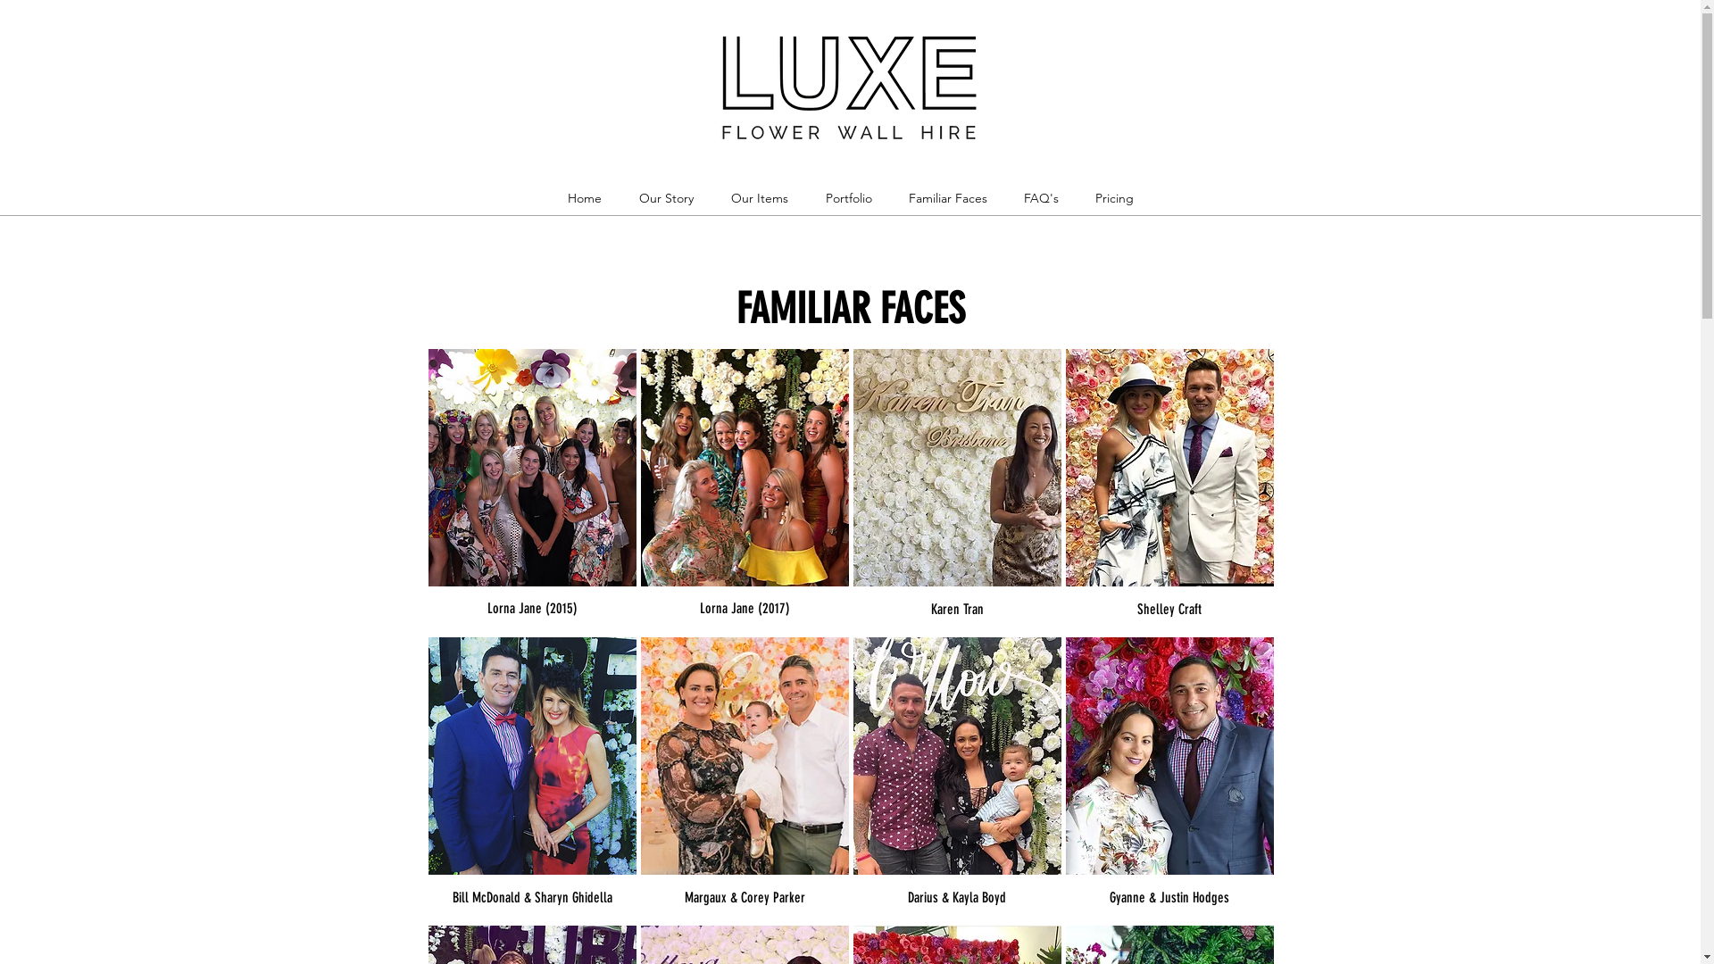 This screenshot has width=1714, height=964. What do you see at coordinates (664, 198) in the screenshot?
I see `'Our Story'` at bounding box center [664, 198].